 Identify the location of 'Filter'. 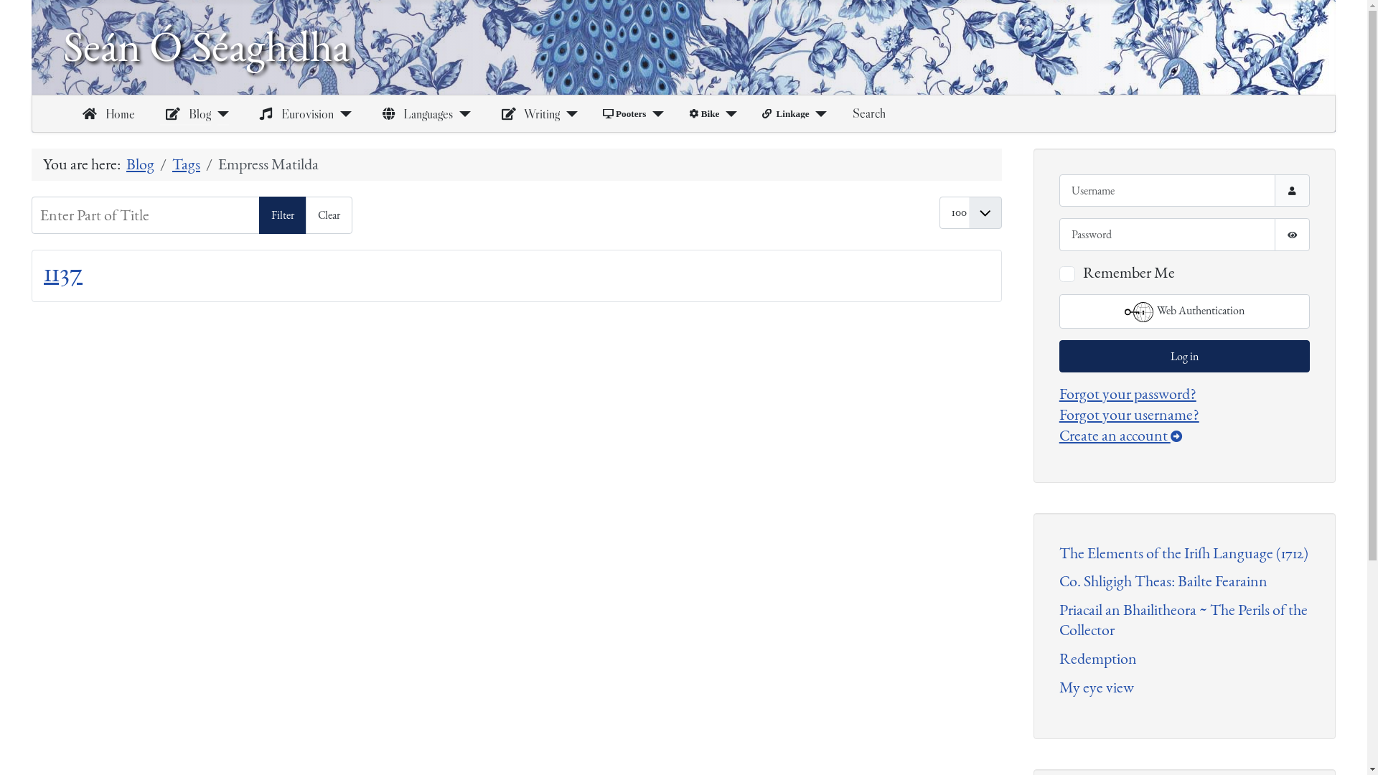
(258, 215).